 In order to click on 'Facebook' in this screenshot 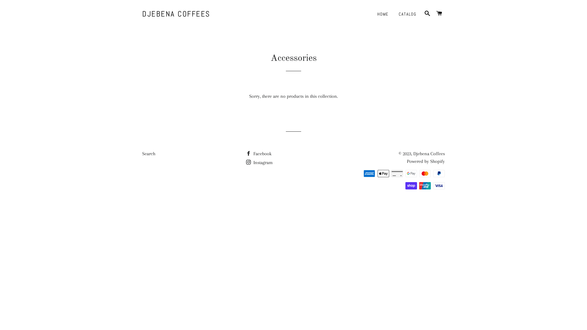, I will do `click(259, 153)`.